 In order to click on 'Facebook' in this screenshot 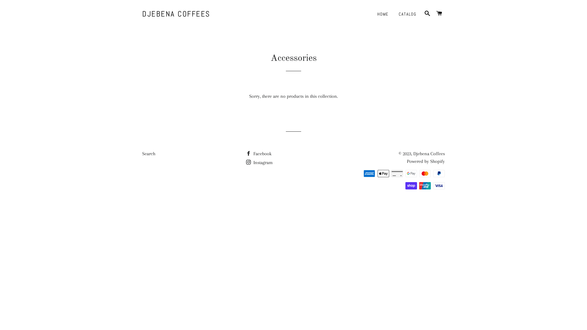, I will do `click(259, 153)`.